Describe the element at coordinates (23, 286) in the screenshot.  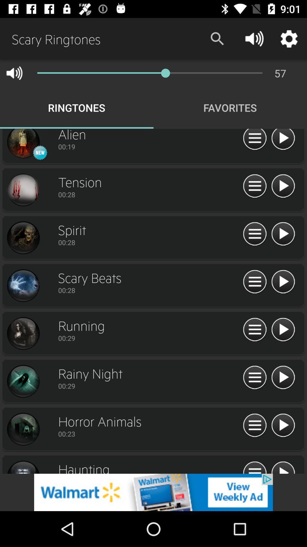
I see `scary beats option` at that location.